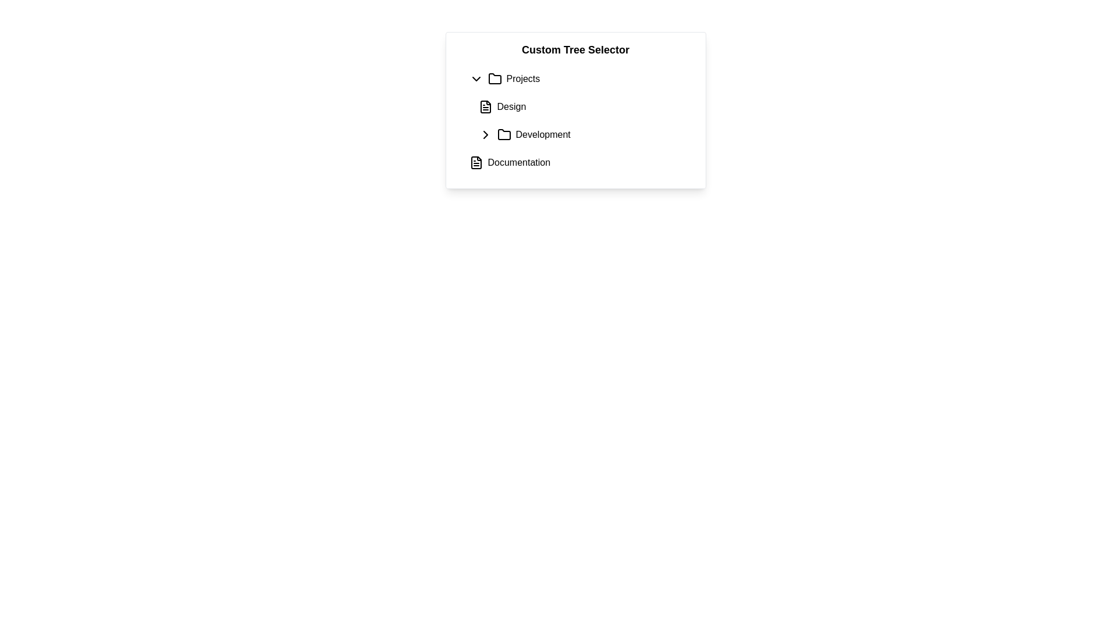 The image size is (1117, 628). Describe the element at coordinates (476, 163) in the screenshot. I see `the documentation icon located to the left of the text 'Documentation' in the hierarchical tree view` at that location.